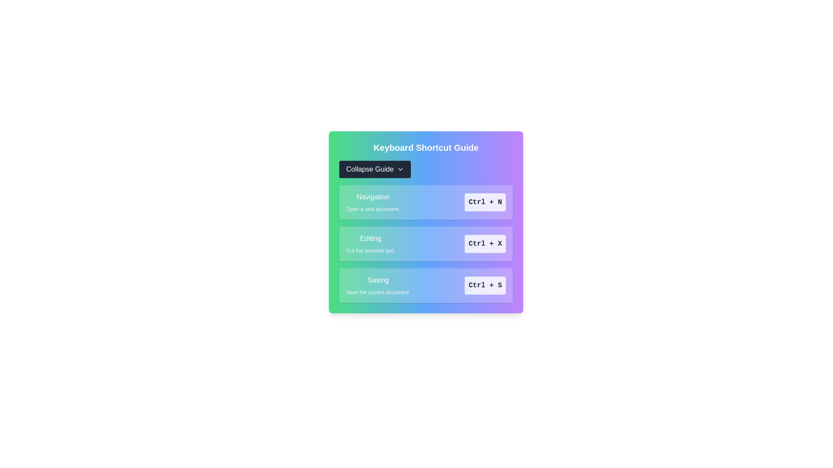  What do you see at coordinates (485, 286) in the screenshot?
I see `the Text Label displaying the keyboard shortcut 'Ctrl + S', located in the third row corresponding to the 'Saving' label` at bounding box center [485, 286].